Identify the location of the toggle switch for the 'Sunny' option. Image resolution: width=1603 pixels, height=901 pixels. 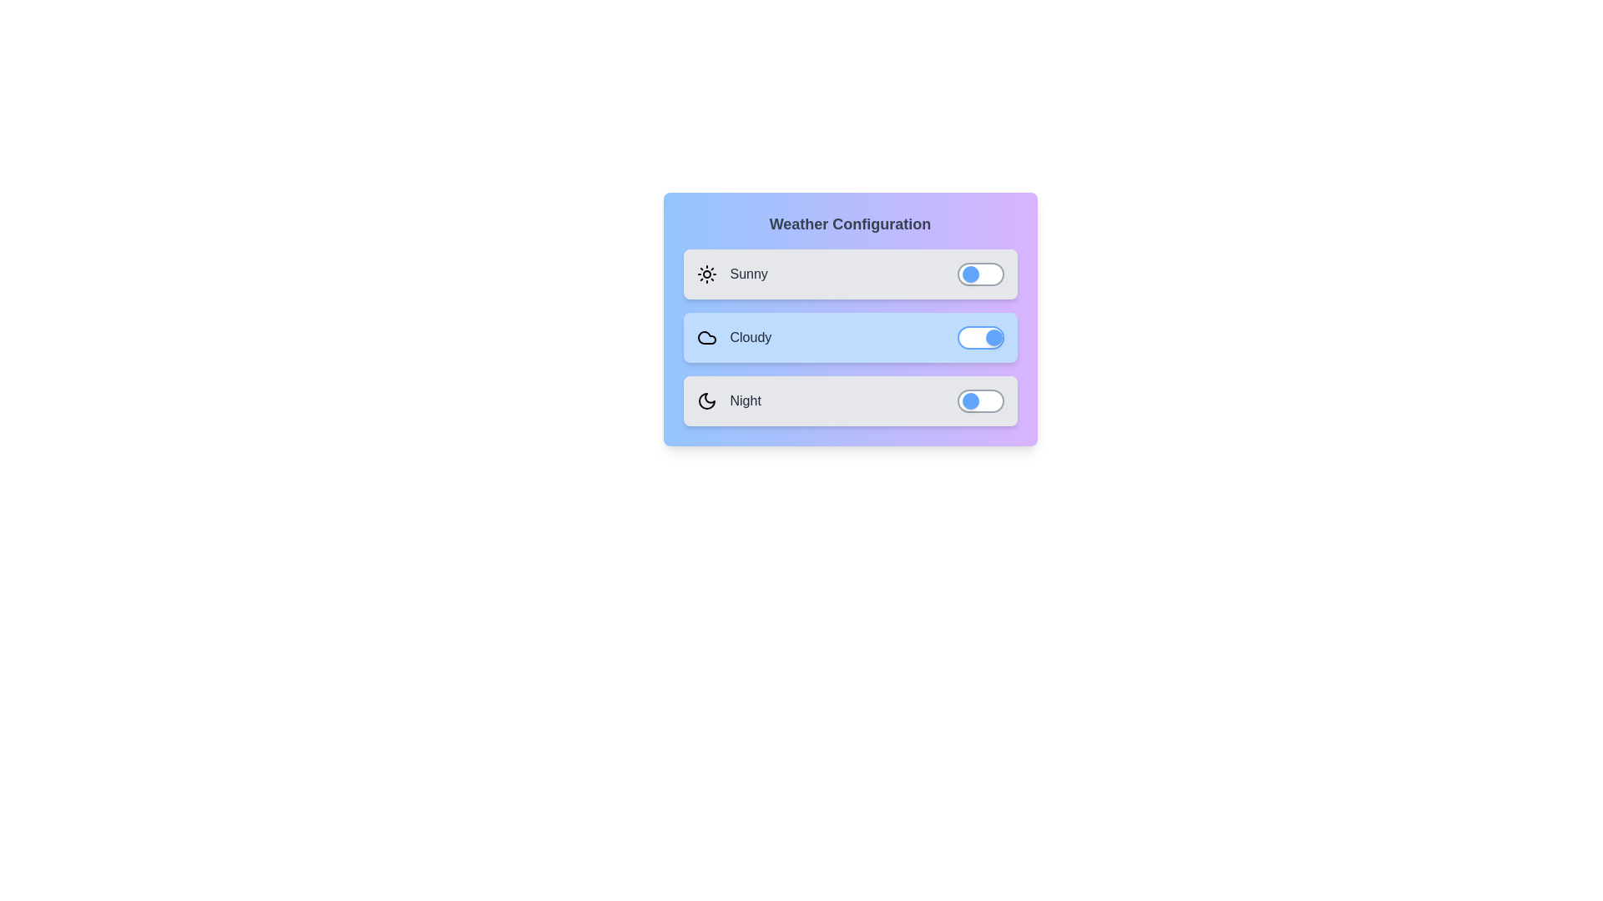
(980, 273).